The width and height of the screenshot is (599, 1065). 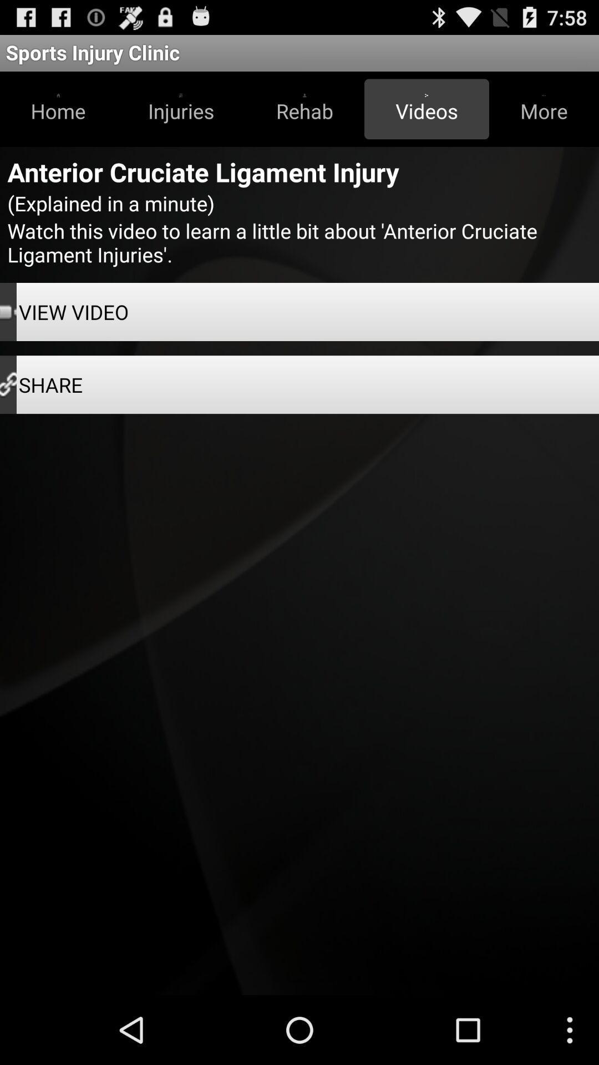 What do you see at coordinates (58, 109) in the screenshot?
I see `the icon next to injuries button` at bounding box center [58, 109].